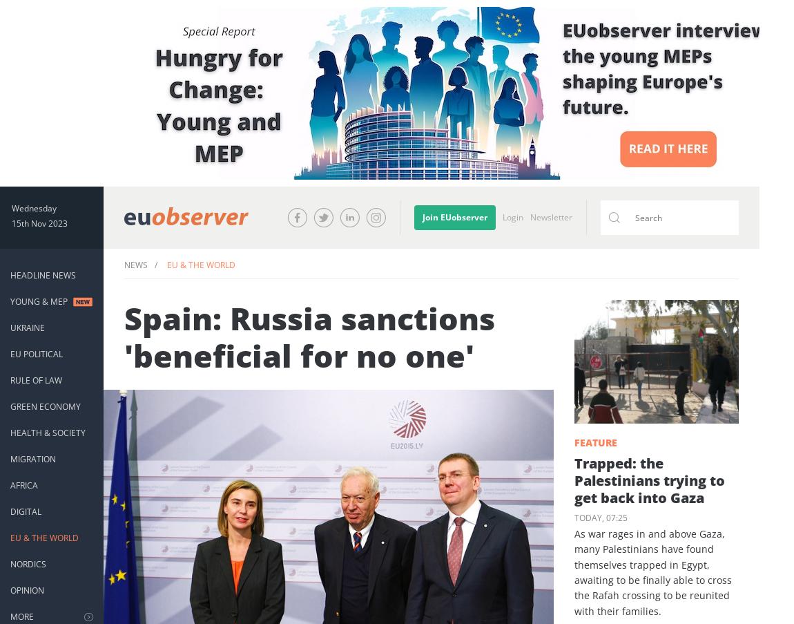 The width and height of the screenshot is (794, 624). What do you see at coordinates (594, 442) in the screenshot?
I see `'Feature'` at bounding box center [594, 442].